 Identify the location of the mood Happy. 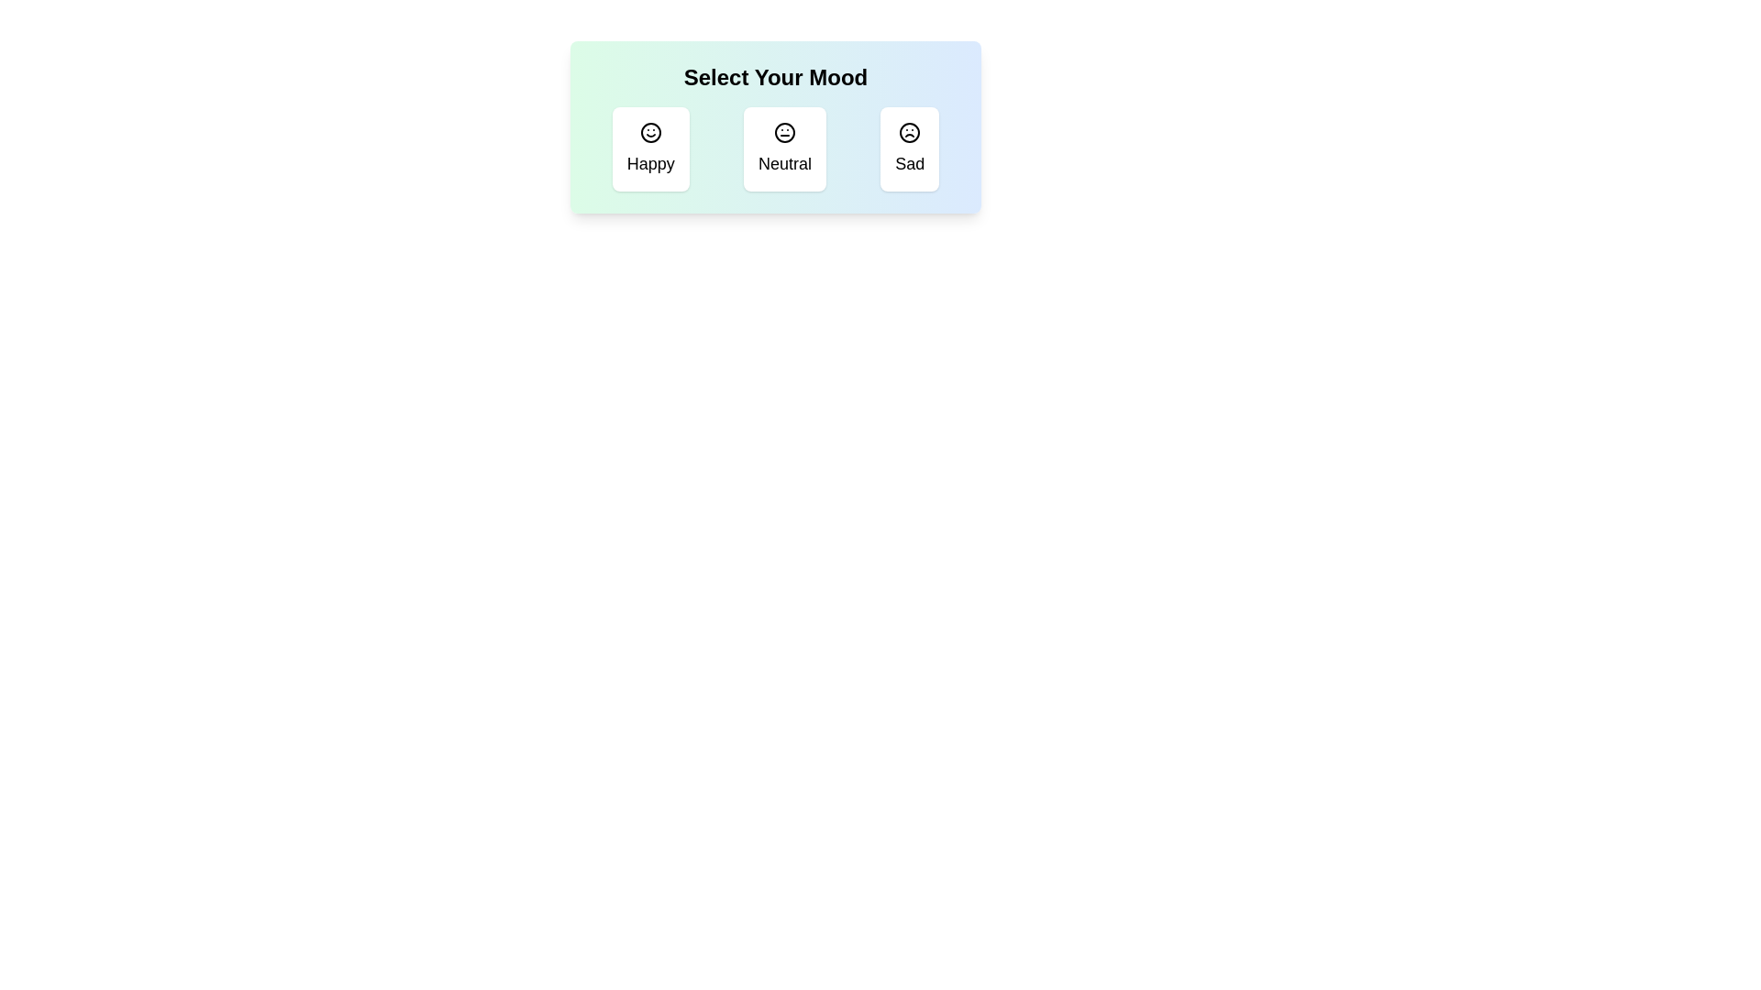
(650, 148).